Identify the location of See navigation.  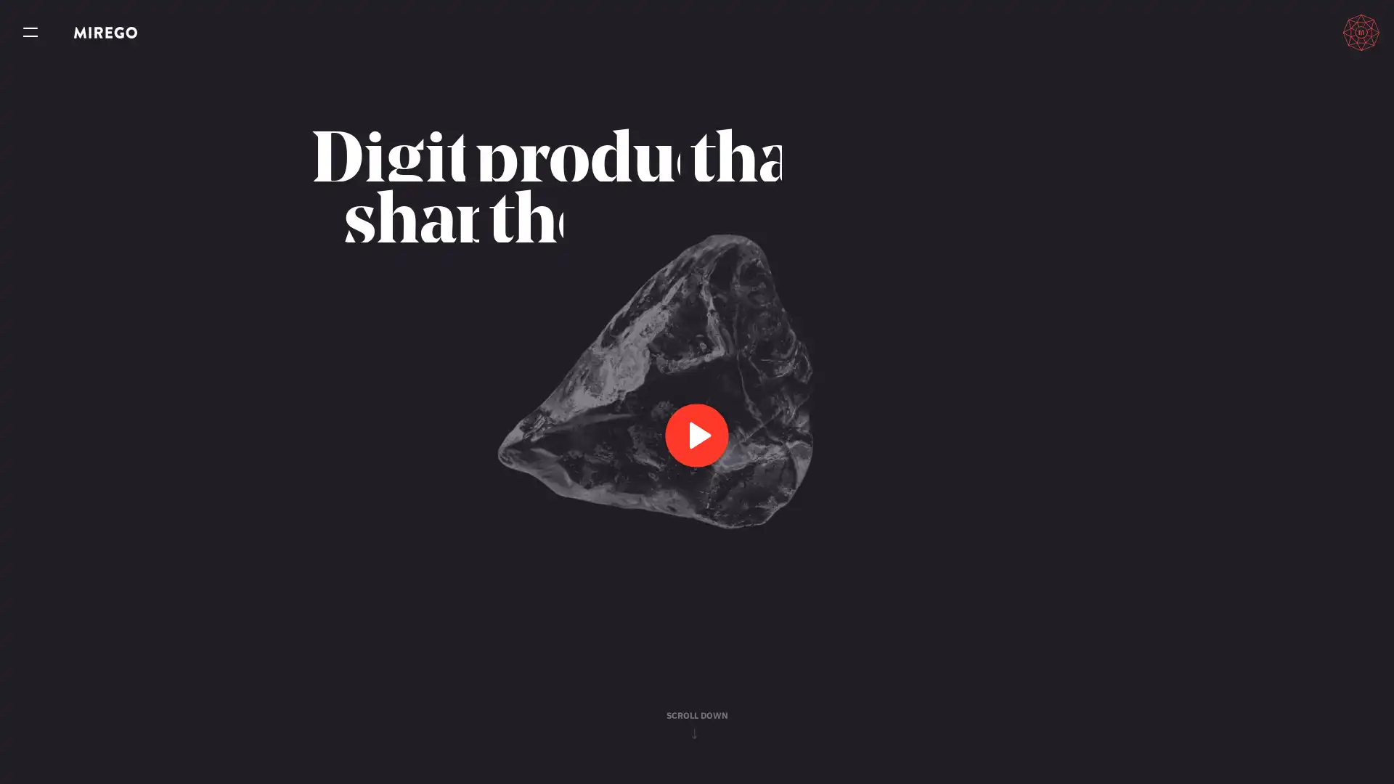
(30, 33).